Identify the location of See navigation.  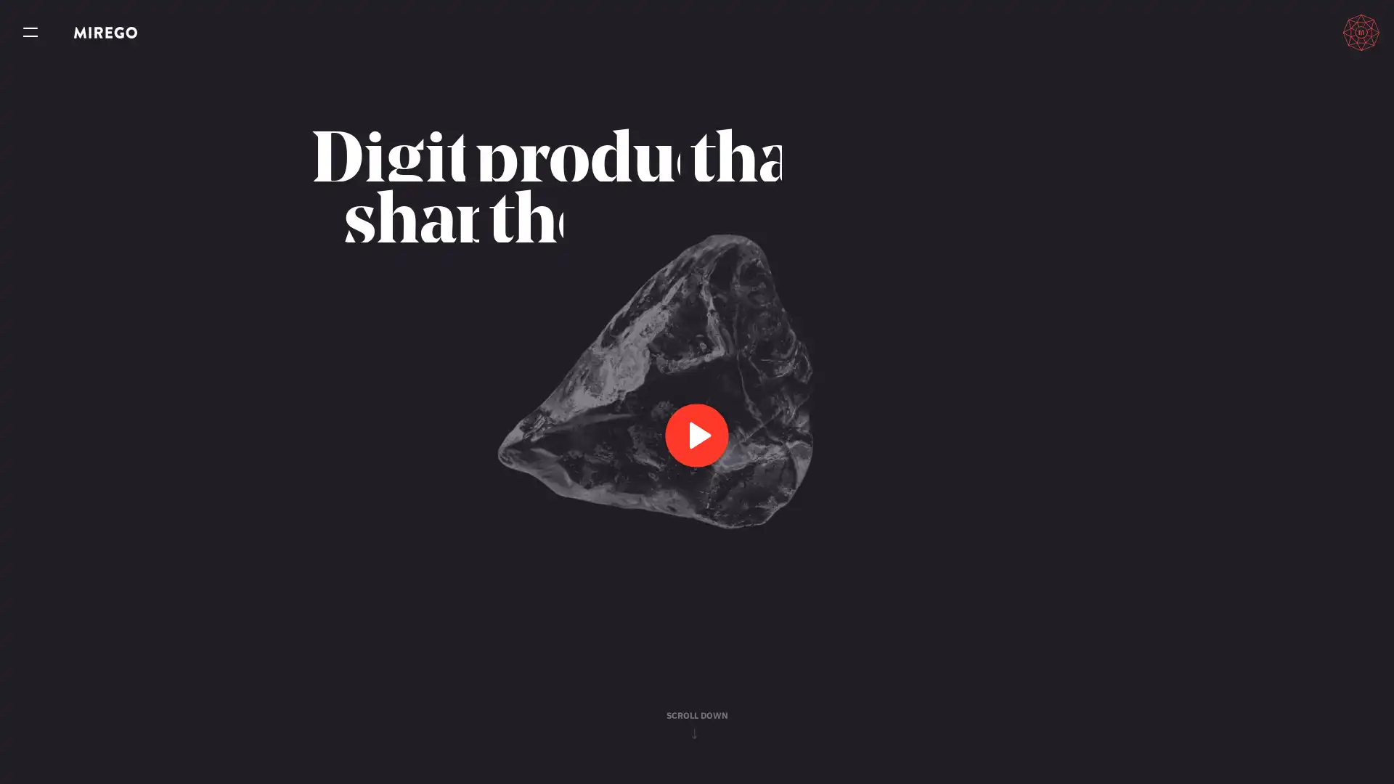
(30, 33).